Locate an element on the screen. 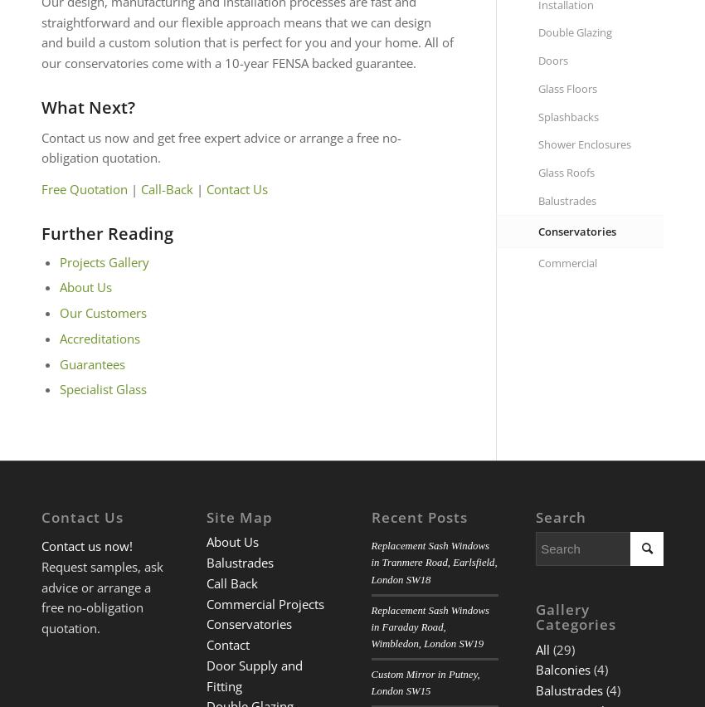  'All' is located at coordinates (542, 648).